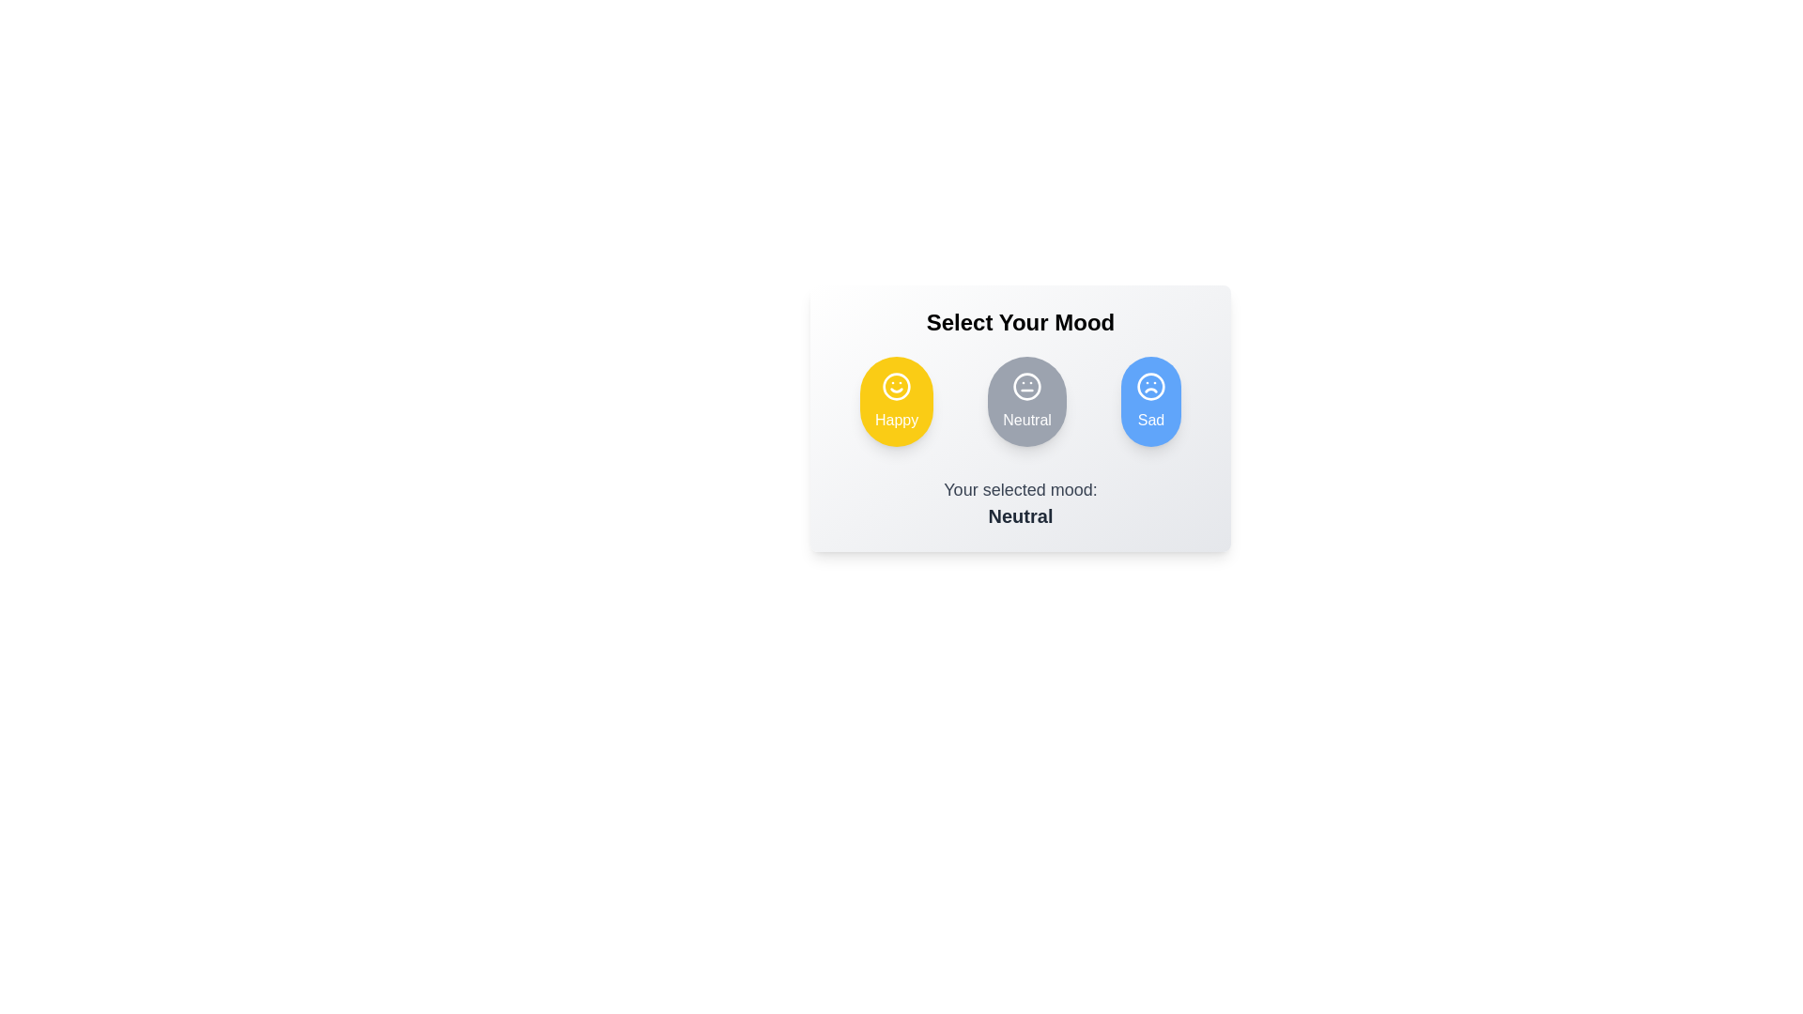  What do you see at coordinates (1149, 386) in the screenshot?
I see `the 'Sad' mood icon located at the center of the blue circular button labeled 'Sad'` at bounding box center [1149, 386].